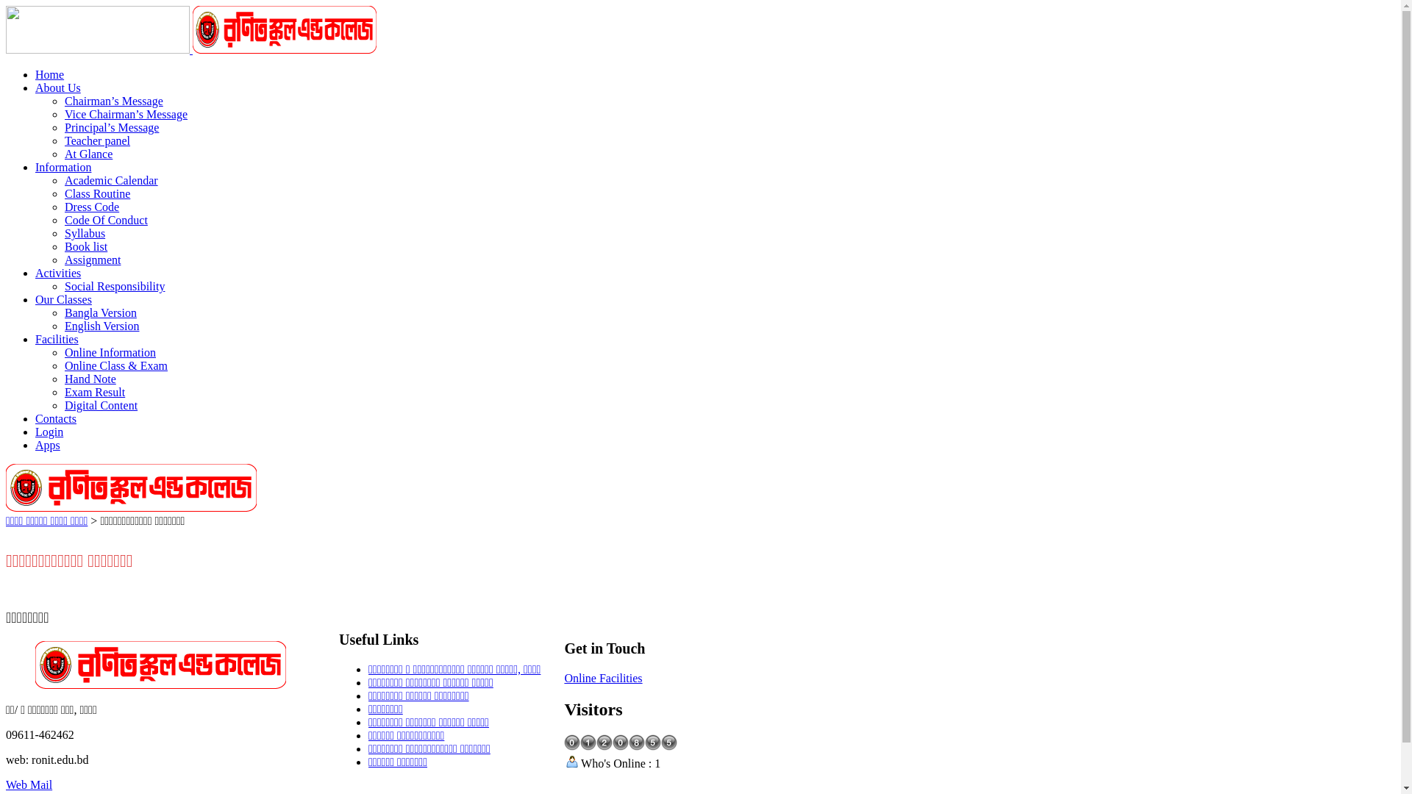 The width and height of the screenshot is (1412, 794). What do you see at coordinates (63, 298) in the screenshot?
I see `'Our Classes'` at bounding box center [63, 298].